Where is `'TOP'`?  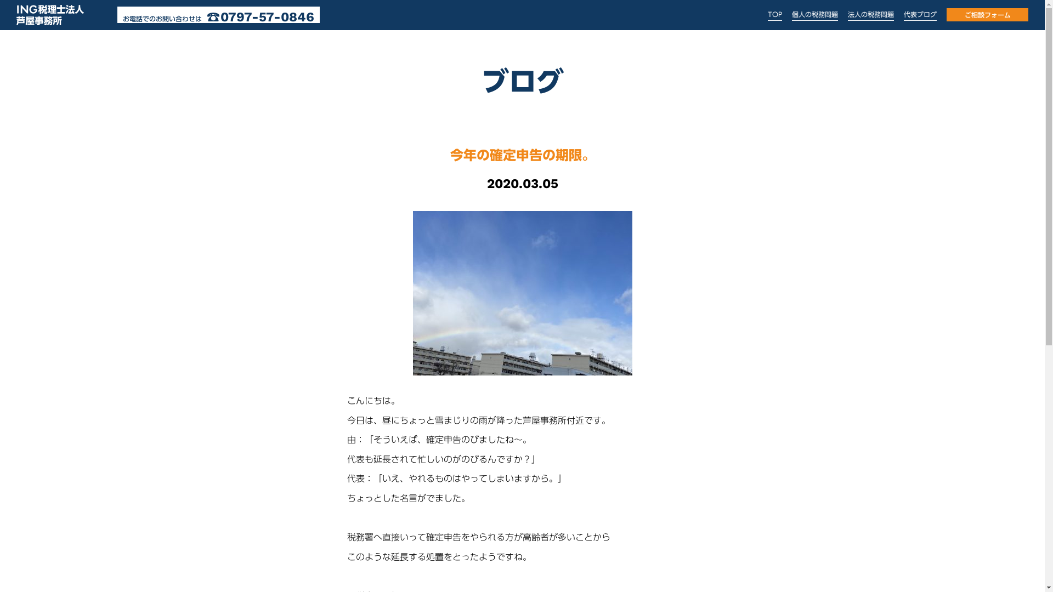
'TOP' is located at coordinates (774, 14).